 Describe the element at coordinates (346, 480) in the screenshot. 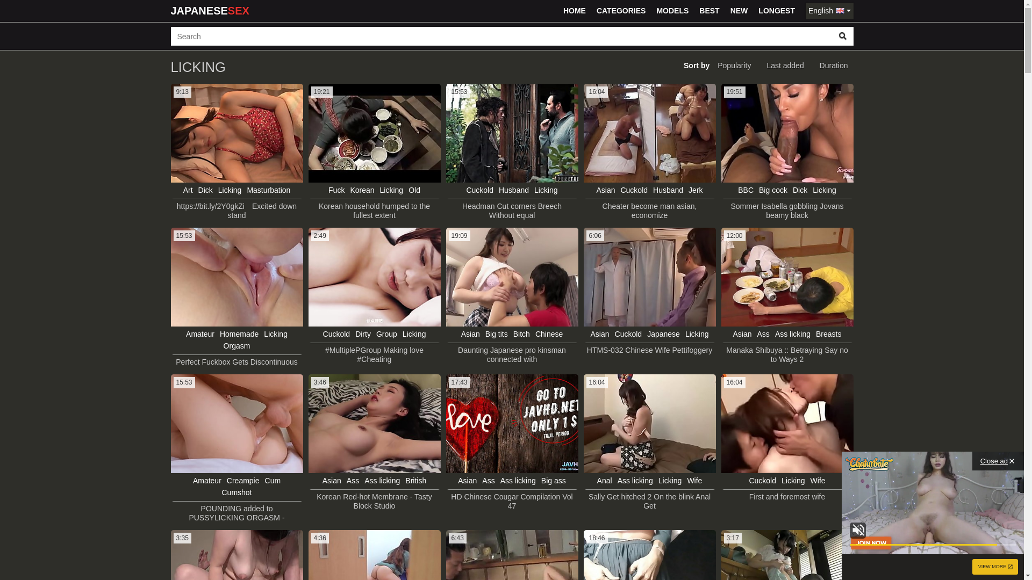

I see `'Ass'` at that location.